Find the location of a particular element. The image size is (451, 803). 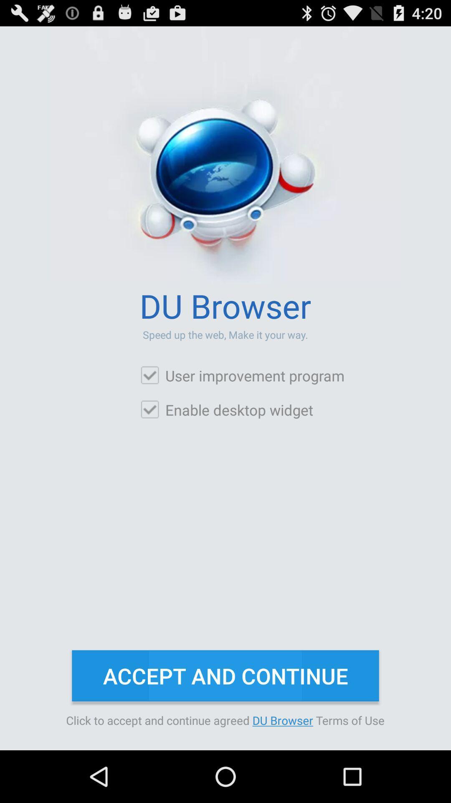

the item below the accept and continue button is located at coordinates (225, 720).